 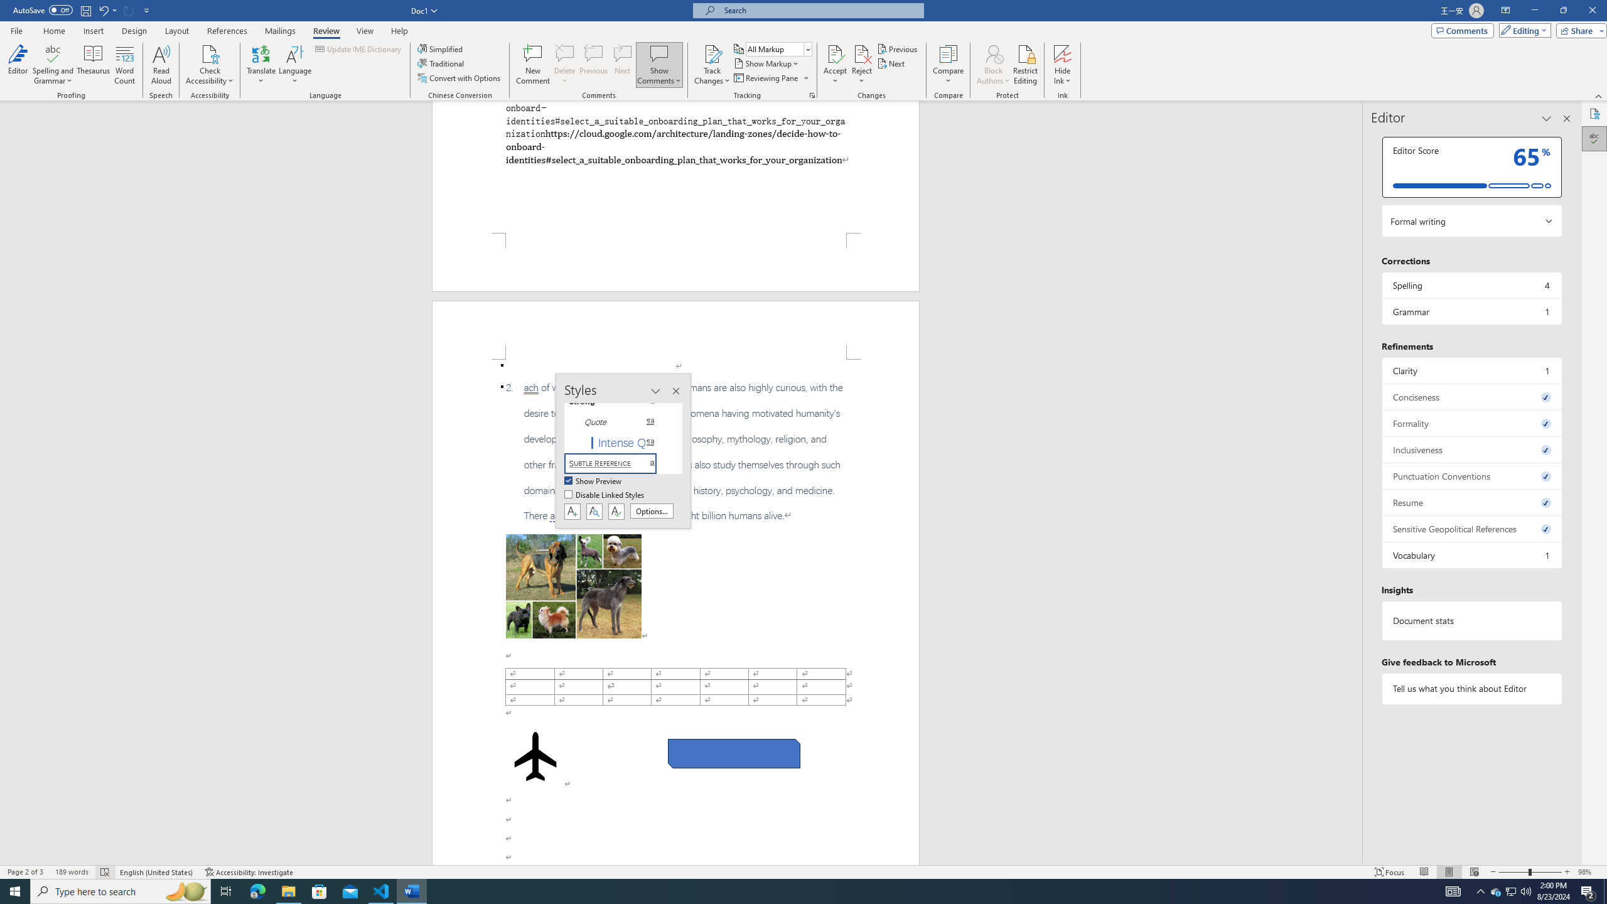 What do you see at coordinates (25, 872) in the screenshot?
I see `'Page Number Page 2 of 3'` at bounding box center [25, 872].